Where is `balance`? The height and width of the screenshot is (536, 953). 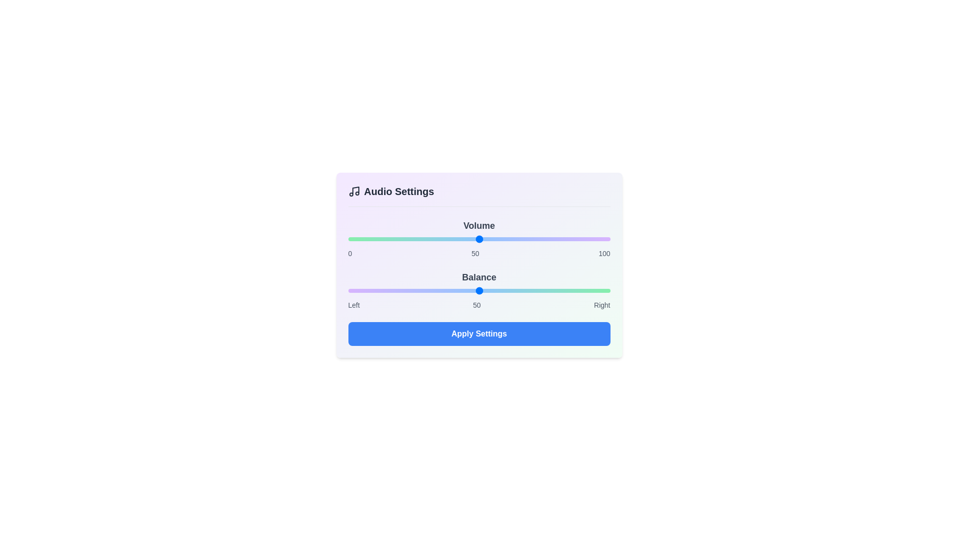 balance is located at coordinates (560, 290).